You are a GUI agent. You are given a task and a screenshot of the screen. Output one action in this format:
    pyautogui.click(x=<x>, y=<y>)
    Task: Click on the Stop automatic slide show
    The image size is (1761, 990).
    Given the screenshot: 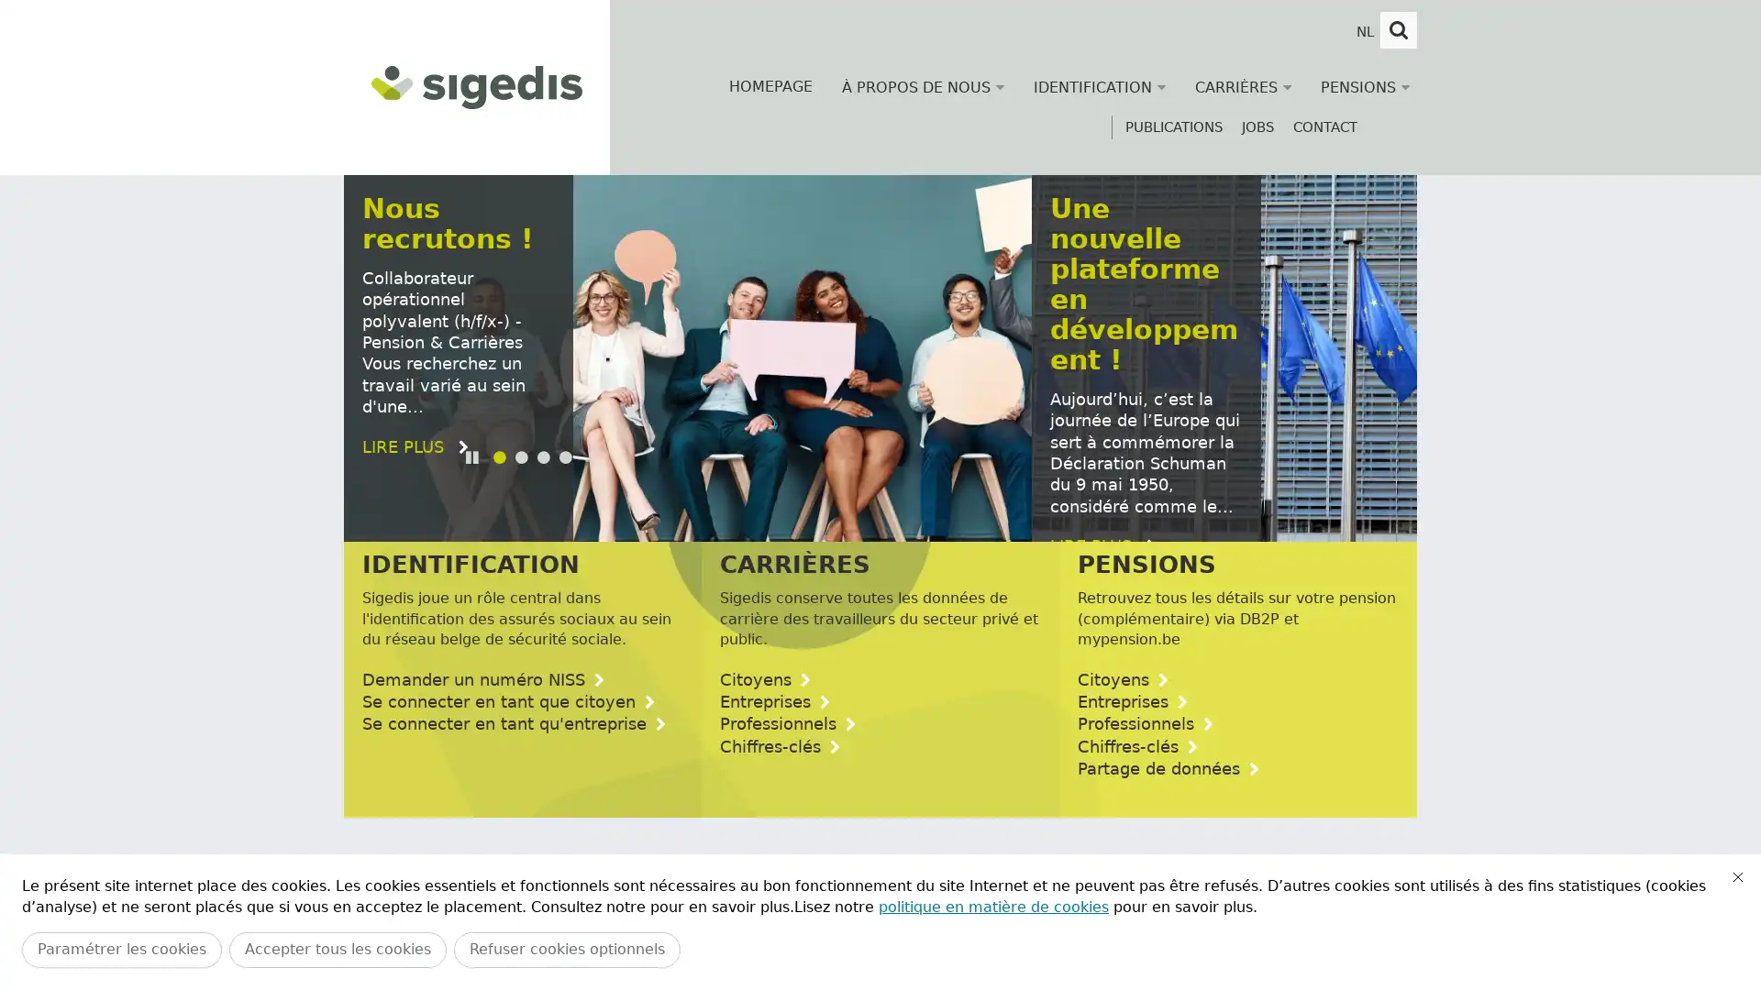 What is the action you would take?
    pyautogui.click(x=474, y=502)
    